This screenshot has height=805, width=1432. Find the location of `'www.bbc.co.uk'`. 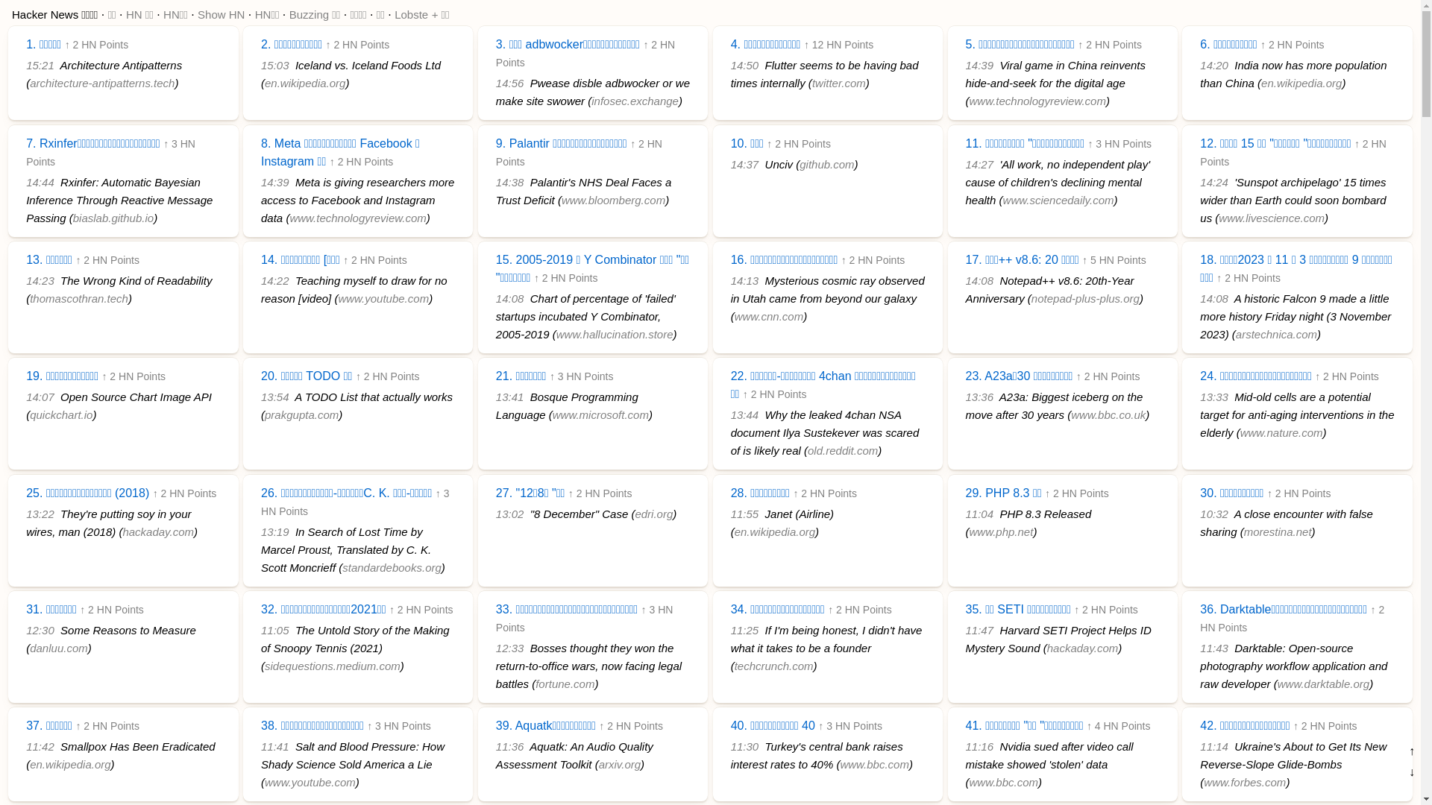

'www.bbc.co.uk' is located at coordinates (1108, 414).